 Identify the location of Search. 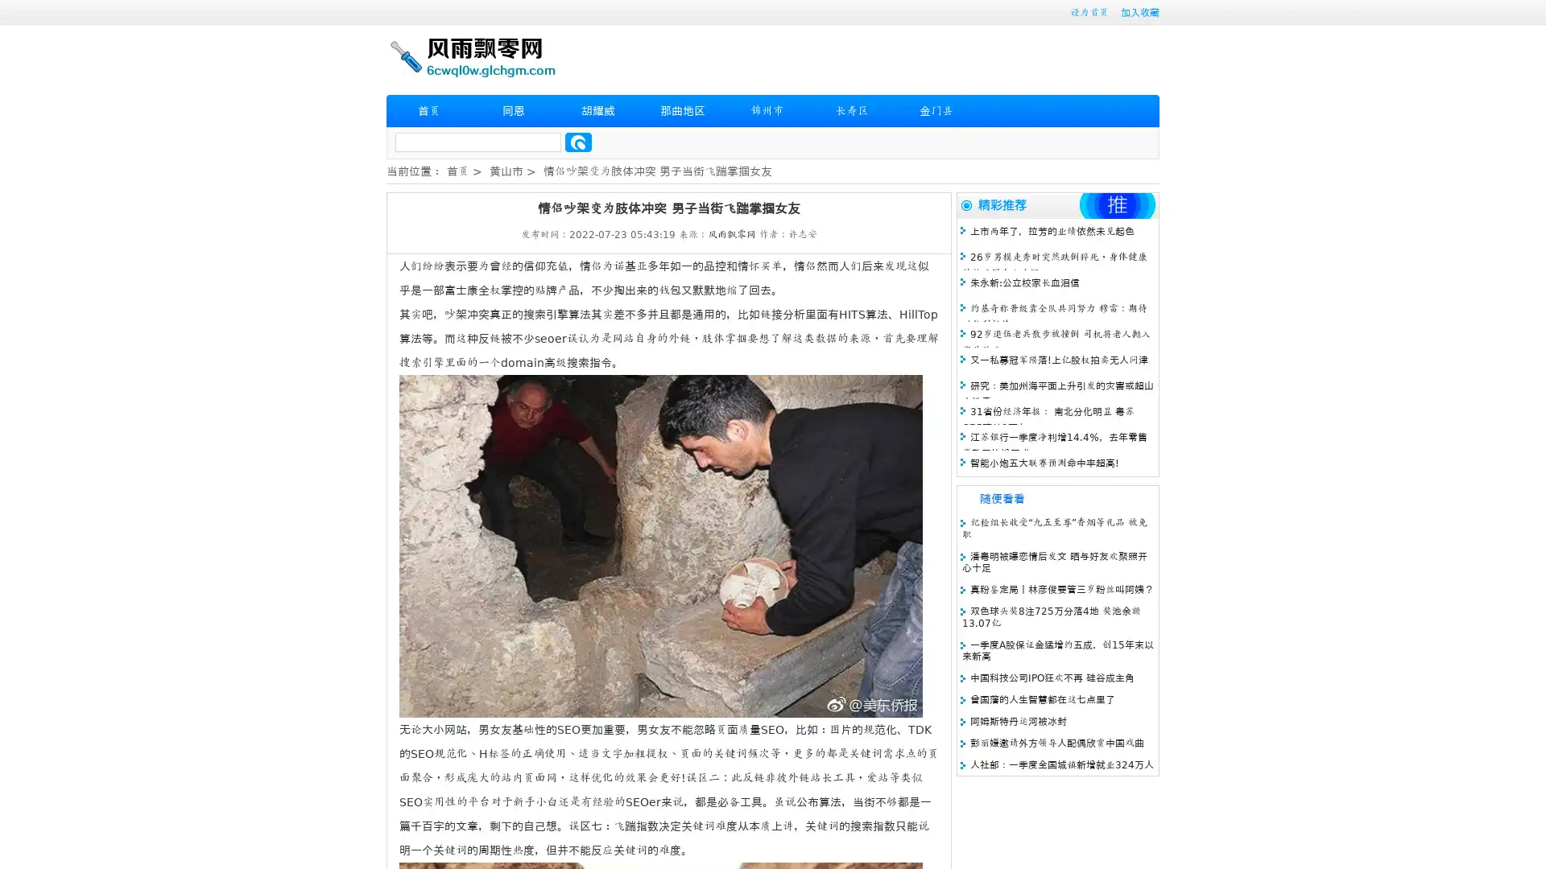
(578, 142).